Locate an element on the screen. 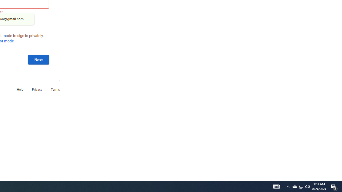 This screenshot has height=192, width=342. 'Next' is located at coordinates (38, 59).